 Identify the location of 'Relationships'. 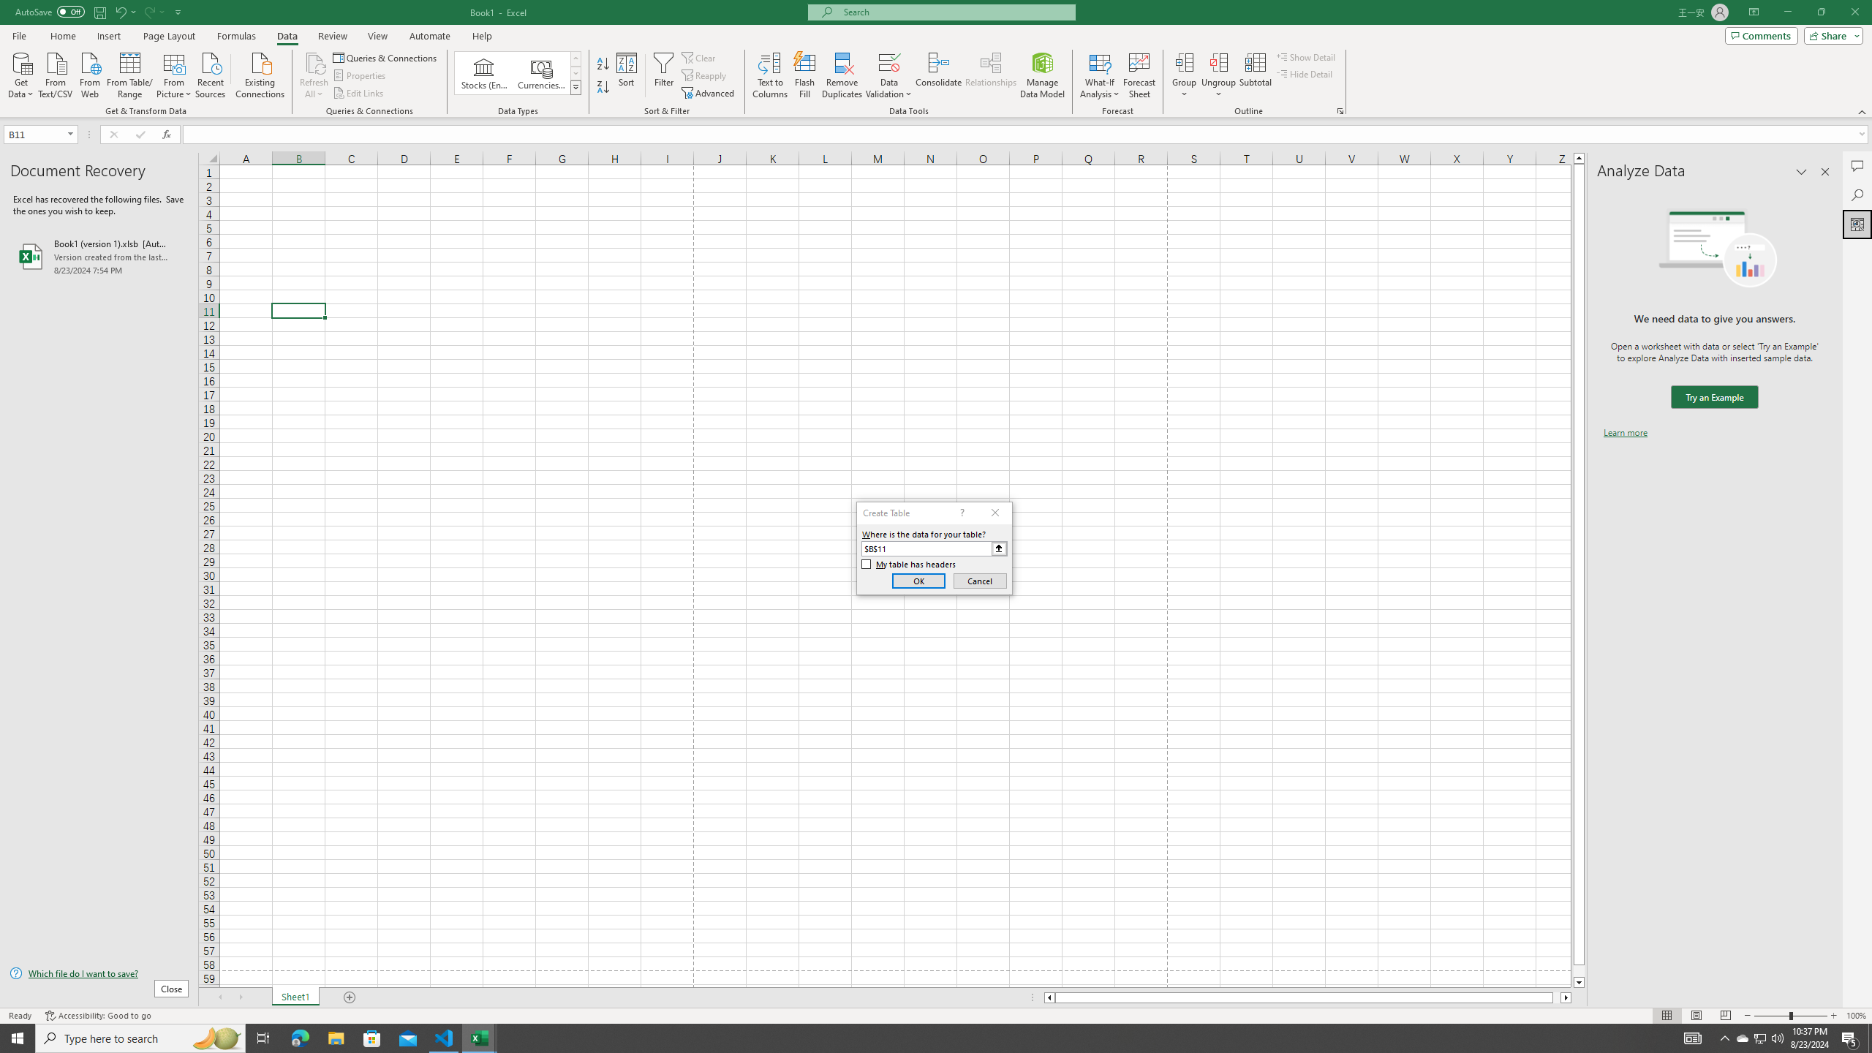
(990, 75).